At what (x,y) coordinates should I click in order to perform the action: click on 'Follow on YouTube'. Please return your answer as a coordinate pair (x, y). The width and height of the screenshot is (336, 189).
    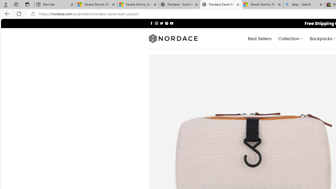
    Looking at the image, I should click on (171, 23).